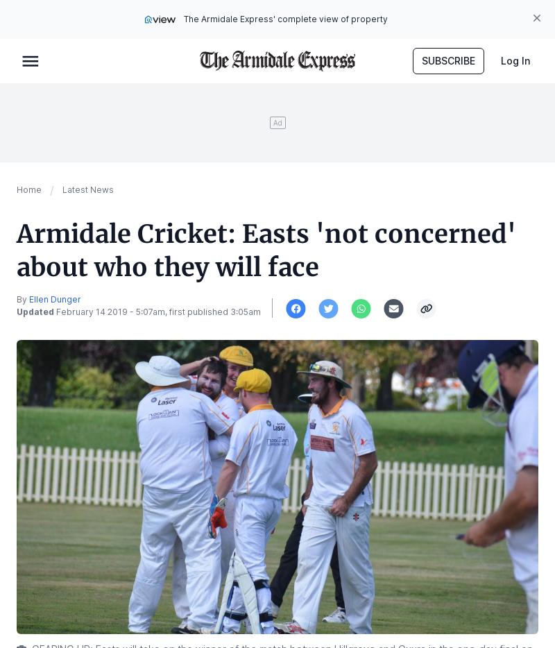 The height and width of the screenshot is (648, 555). What do you see at coordinates (110, 312) in the screenshot?
I see `'February 14 2019 - 5:07am'` at bounding box center [110, 312].